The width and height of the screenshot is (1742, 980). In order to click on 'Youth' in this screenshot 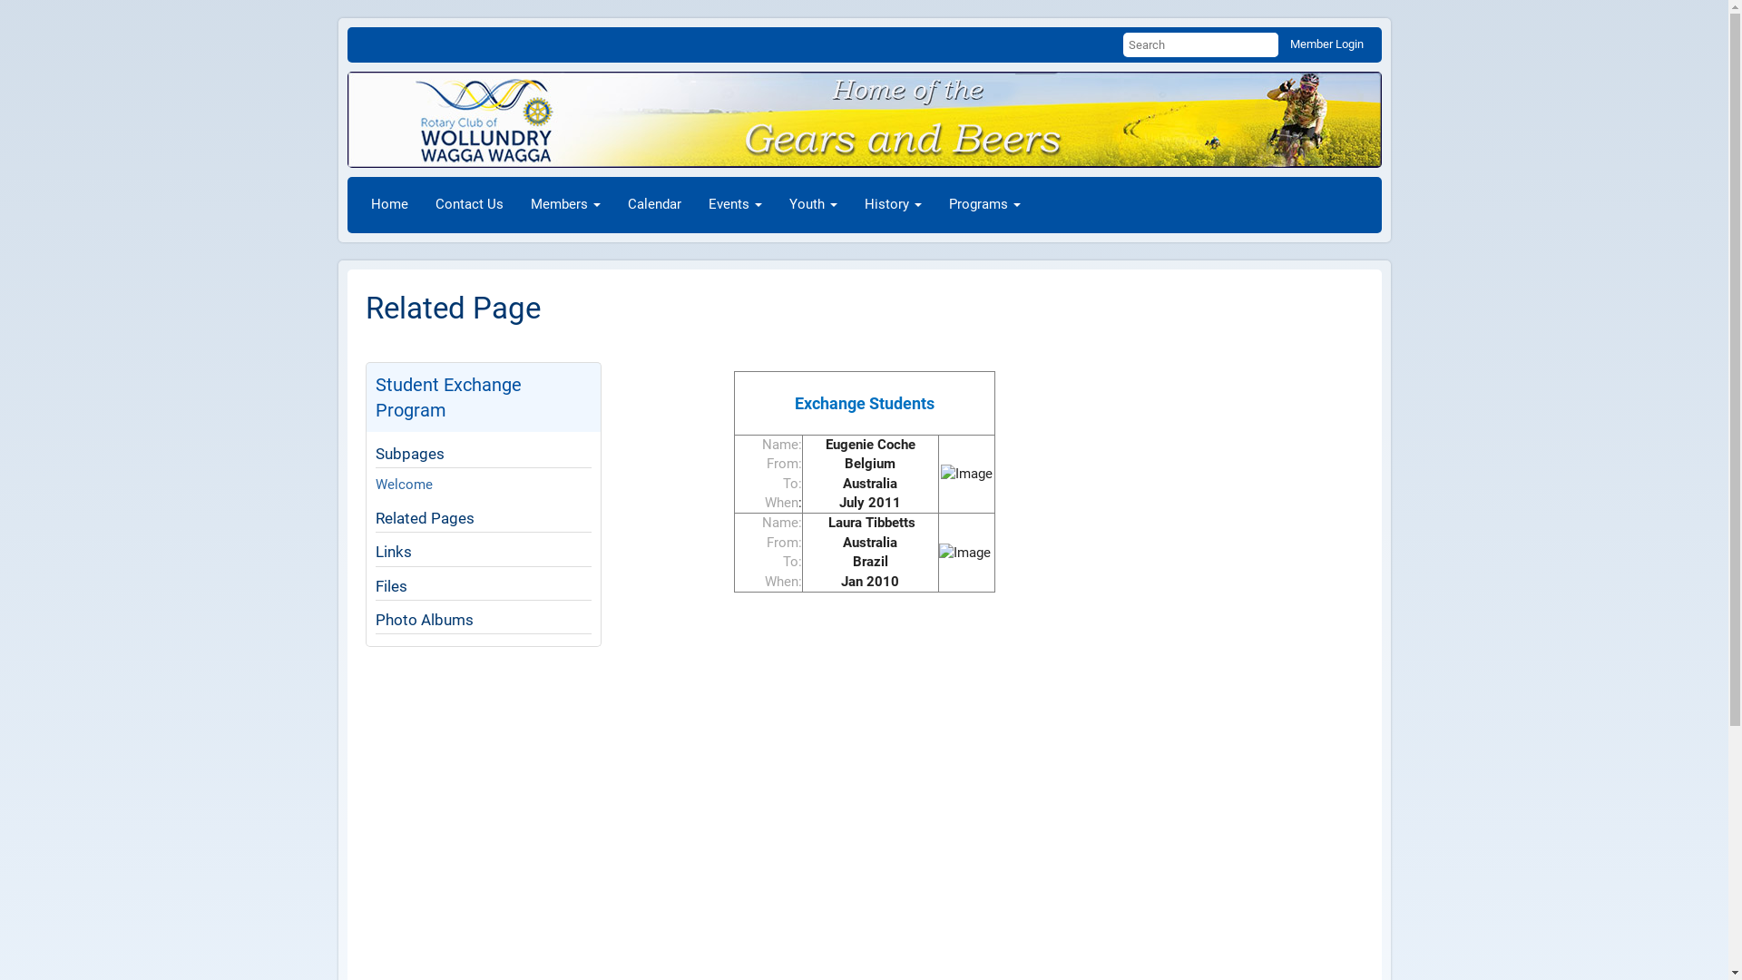, I will do `click(811, 204)`.